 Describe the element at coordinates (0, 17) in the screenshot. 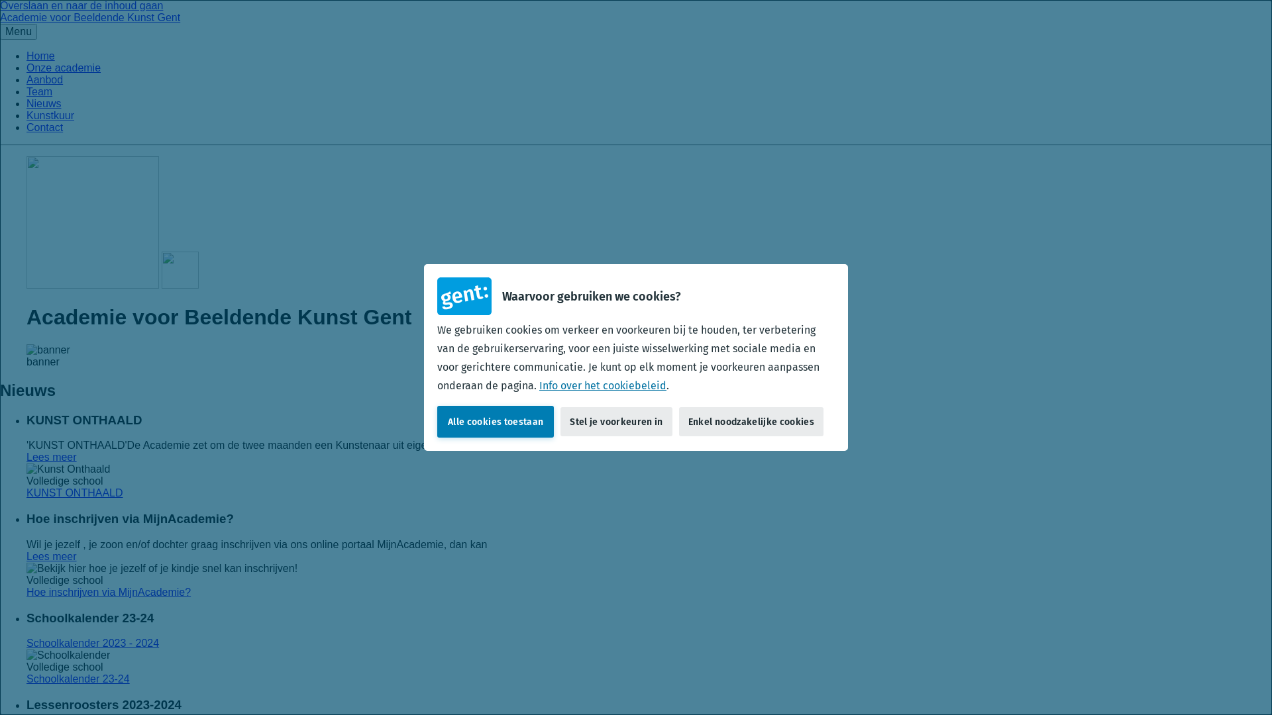

I see `'Academie voor Beeldende Kunst Gent'` at that location.